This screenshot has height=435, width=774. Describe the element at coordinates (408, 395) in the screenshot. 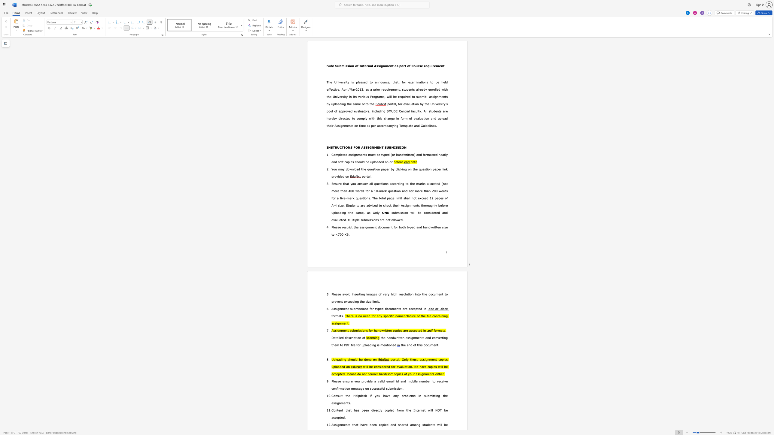

I see `the space between the continuous character "b" and "l" in the text` at that location.